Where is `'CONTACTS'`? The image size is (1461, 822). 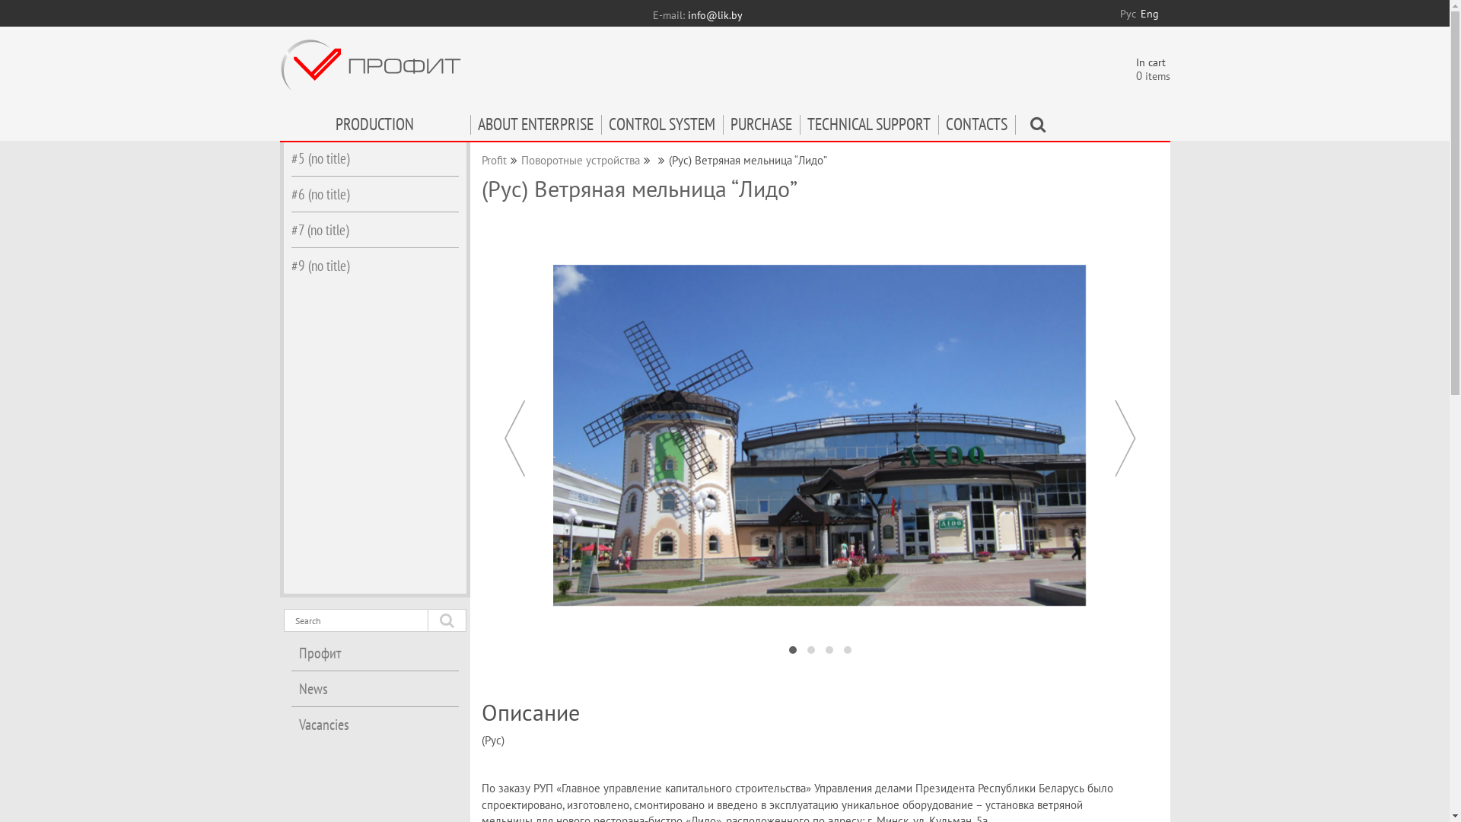 'CONTACTS' is located at coordinates (976, 127).